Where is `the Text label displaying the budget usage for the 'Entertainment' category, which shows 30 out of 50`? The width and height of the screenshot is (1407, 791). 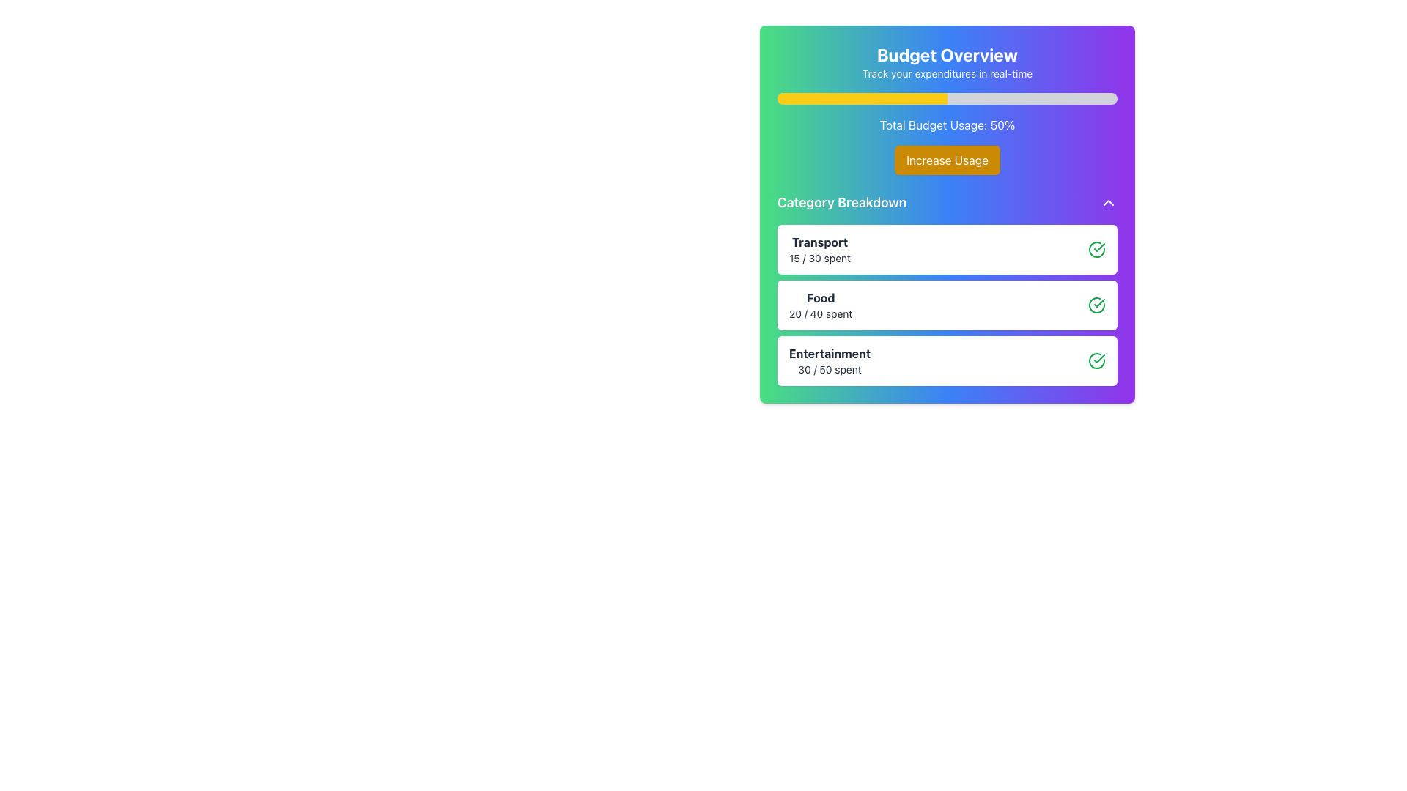
the Text label displaying the budget usage for the 'Entertainment' category, which shows 30 out of 50 is located at coordinates (830, 369).